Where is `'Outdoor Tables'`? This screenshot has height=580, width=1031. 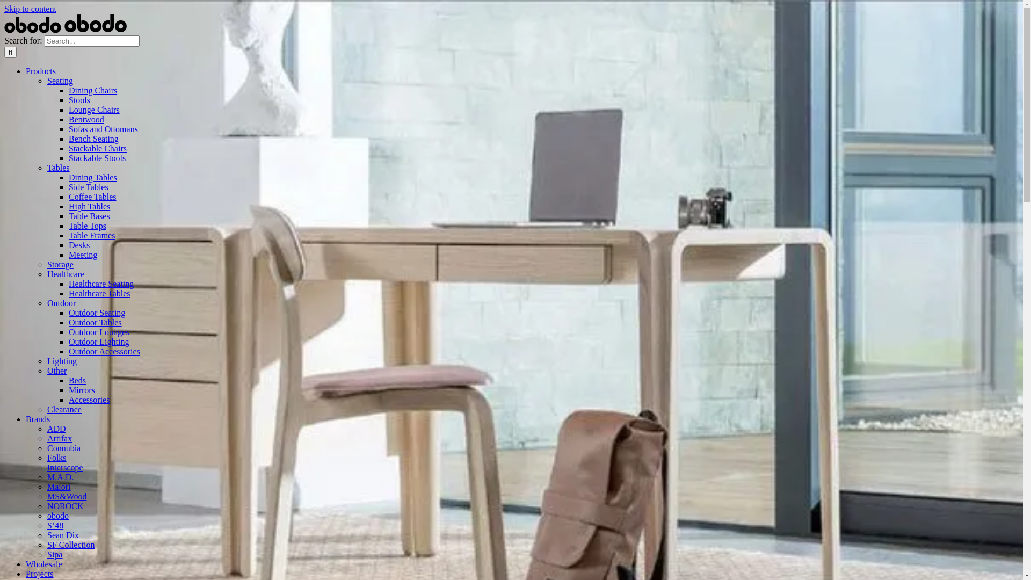
'Outdoor Tables' is located at coordinates (95, 322).